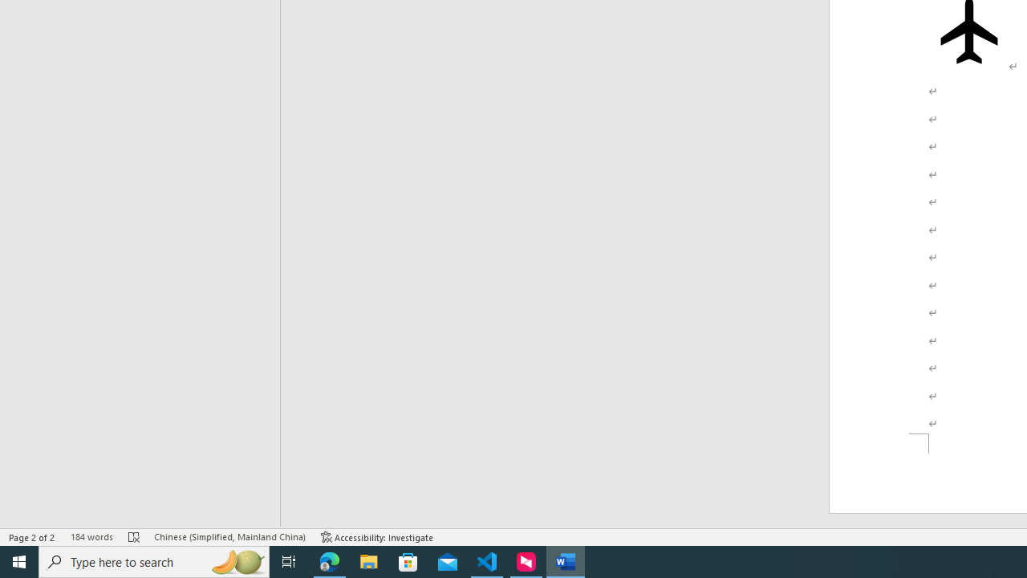  I want to click on 'Page Number Page 2 of 2', so click(32, 537).